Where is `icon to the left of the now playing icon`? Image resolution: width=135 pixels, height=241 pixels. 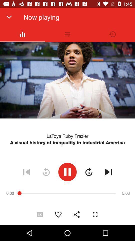 icon to the left of the now playing icon is located at coordinates (9, 17).